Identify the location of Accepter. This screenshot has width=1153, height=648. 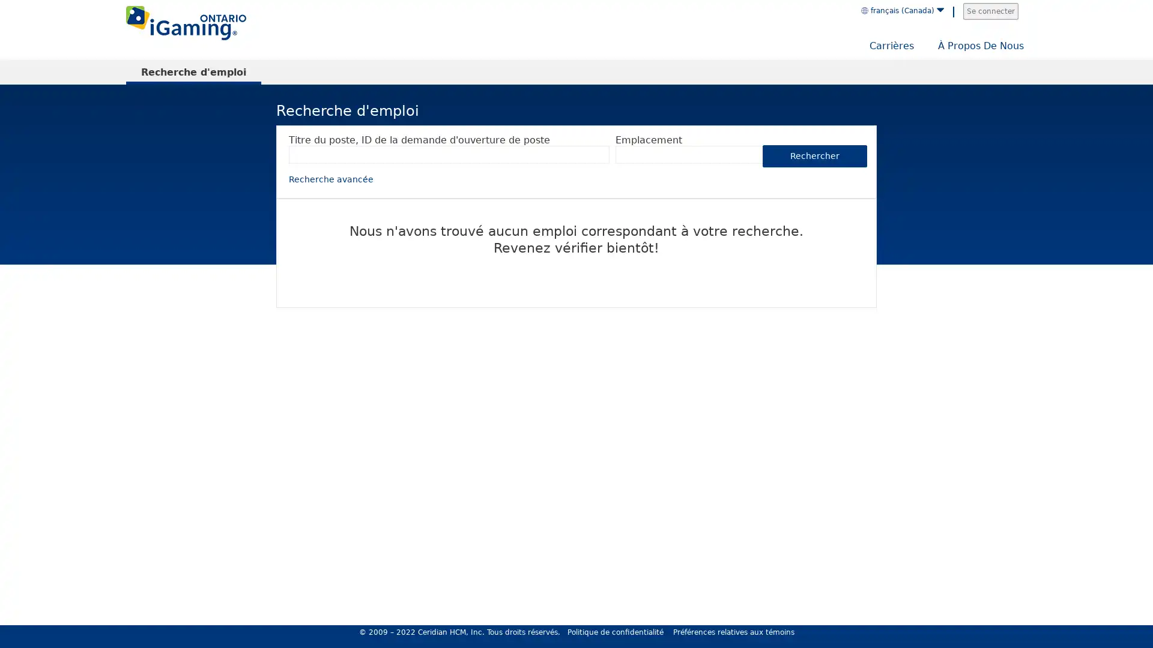
(1098, 610).